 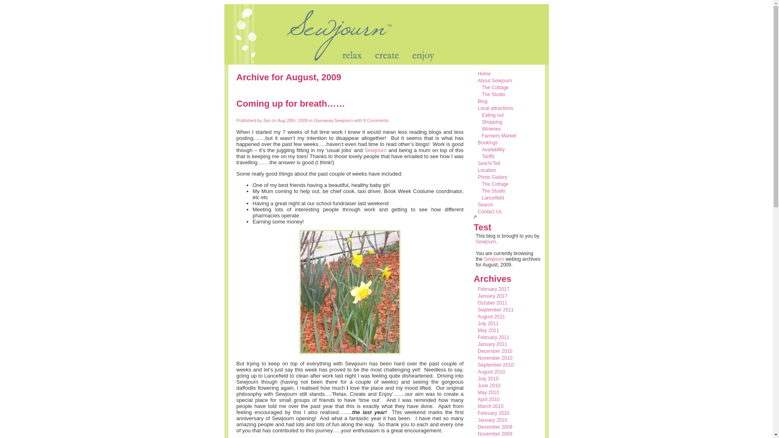 I want to click on 'Location', so click(x=487, y=170).